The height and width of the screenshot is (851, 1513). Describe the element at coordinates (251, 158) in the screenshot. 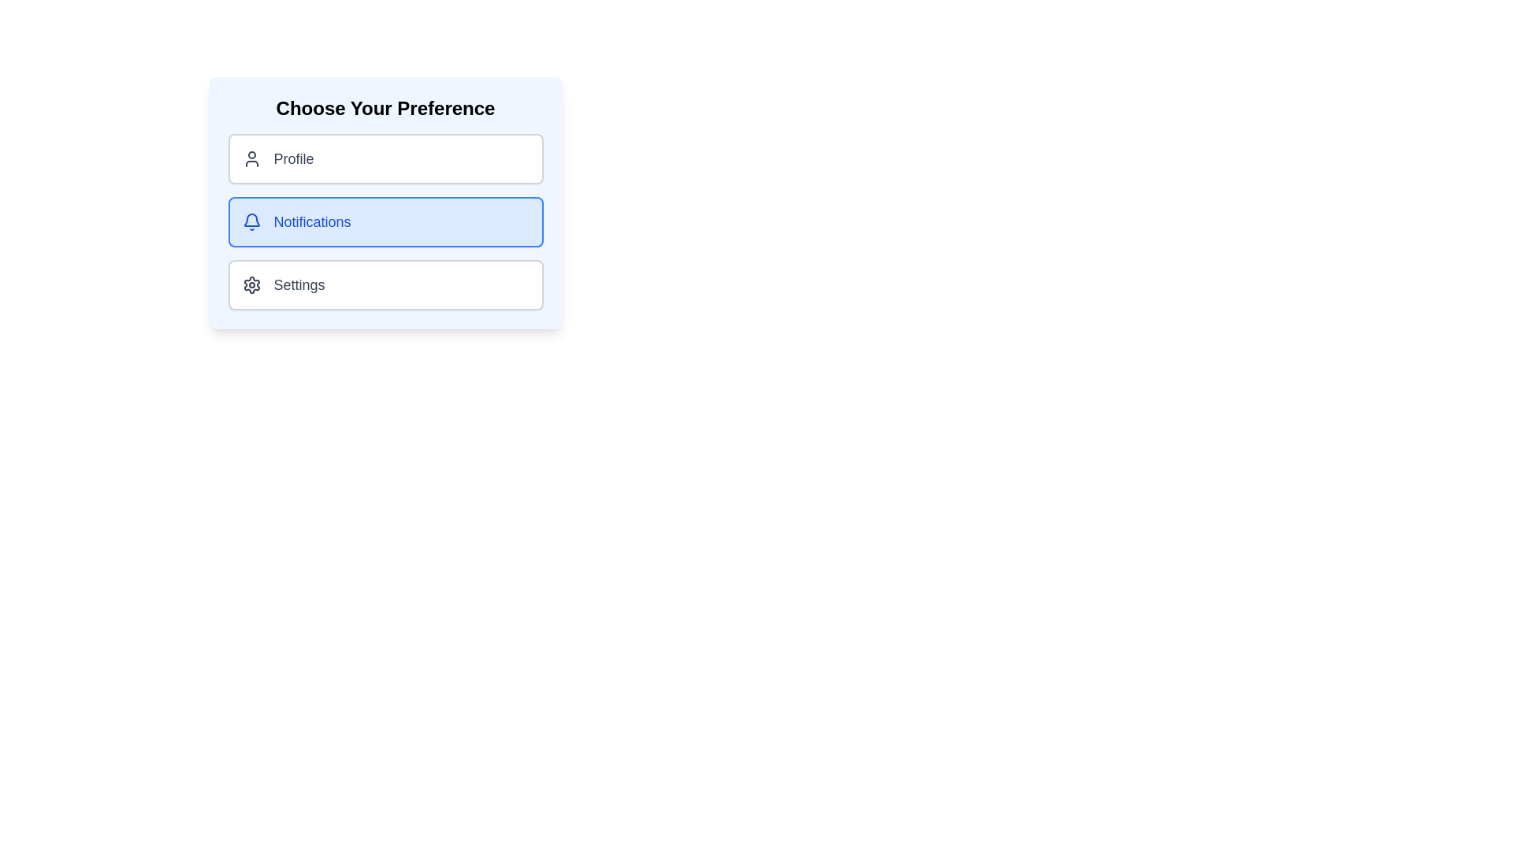

I see `the user icon, which is a navy blue outlined circular head above a trapezoidal body shape, located to the left of the 'Profile' button` at that location.